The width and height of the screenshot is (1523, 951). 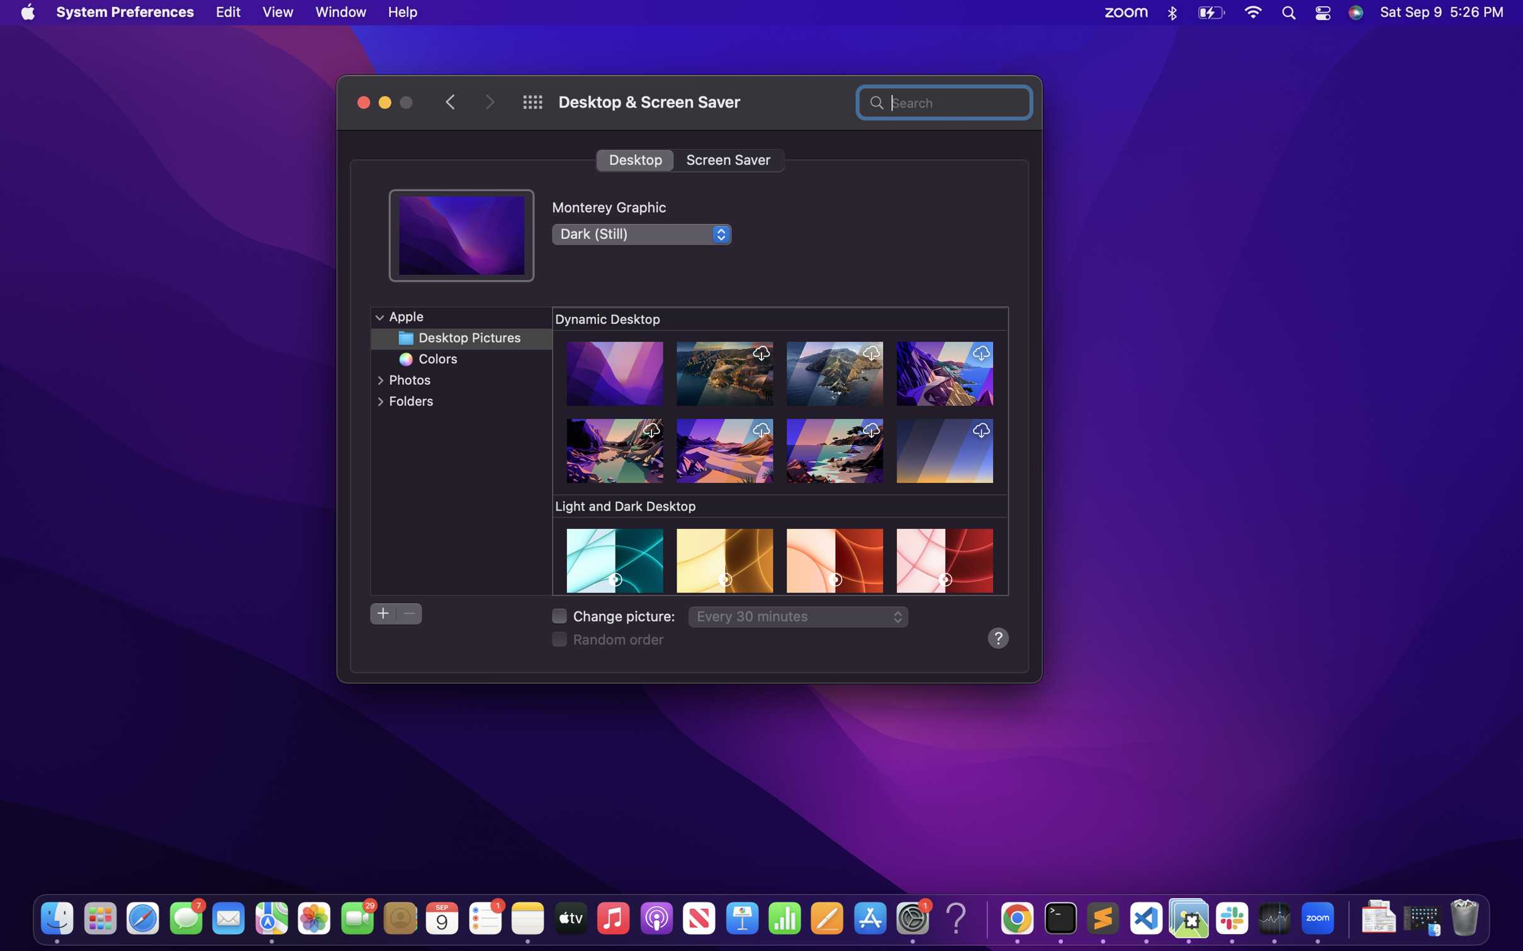 What do you see at coordinates (997, 637) in the screenshot?
I see `the user"s guide` at bounding box center [997, 637].